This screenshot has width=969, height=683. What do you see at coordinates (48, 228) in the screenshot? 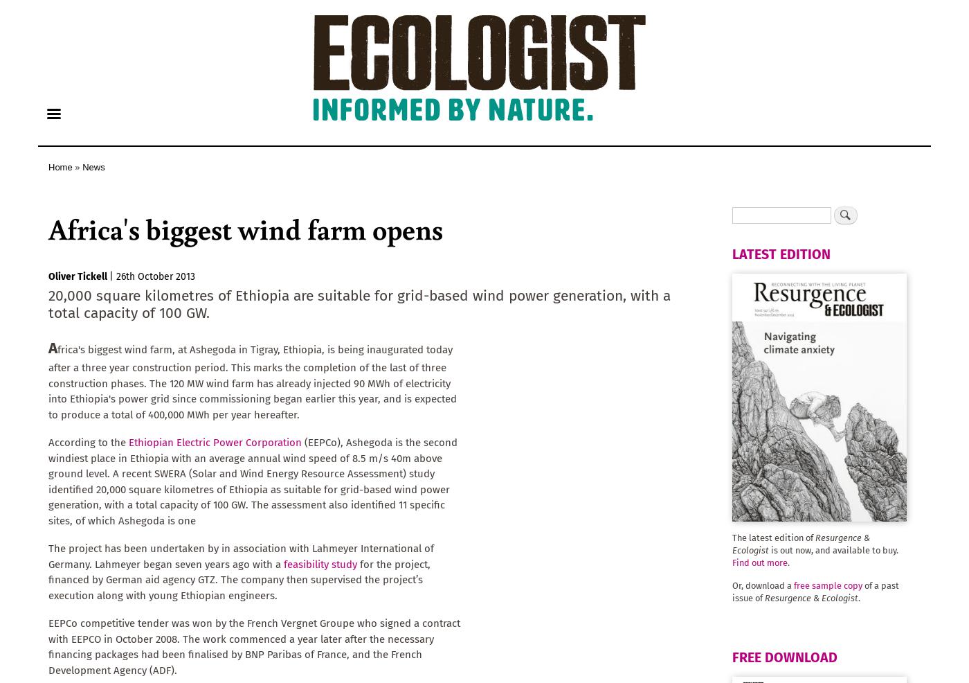
I see `'Africa's biggest wind farm opens'` at bounding box center [48, 228].